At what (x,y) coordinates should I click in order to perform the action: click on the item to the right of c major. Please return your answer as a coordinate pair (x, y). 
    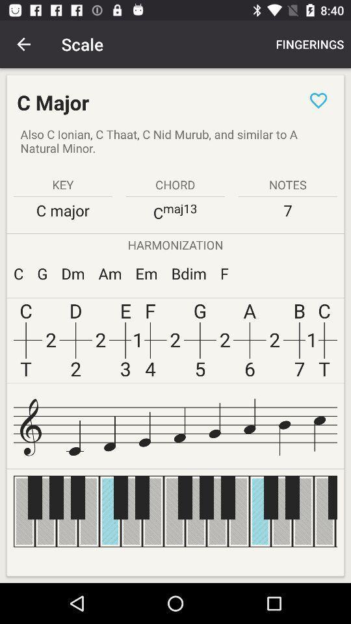
    Looking at the image, I should click on (318, 99).